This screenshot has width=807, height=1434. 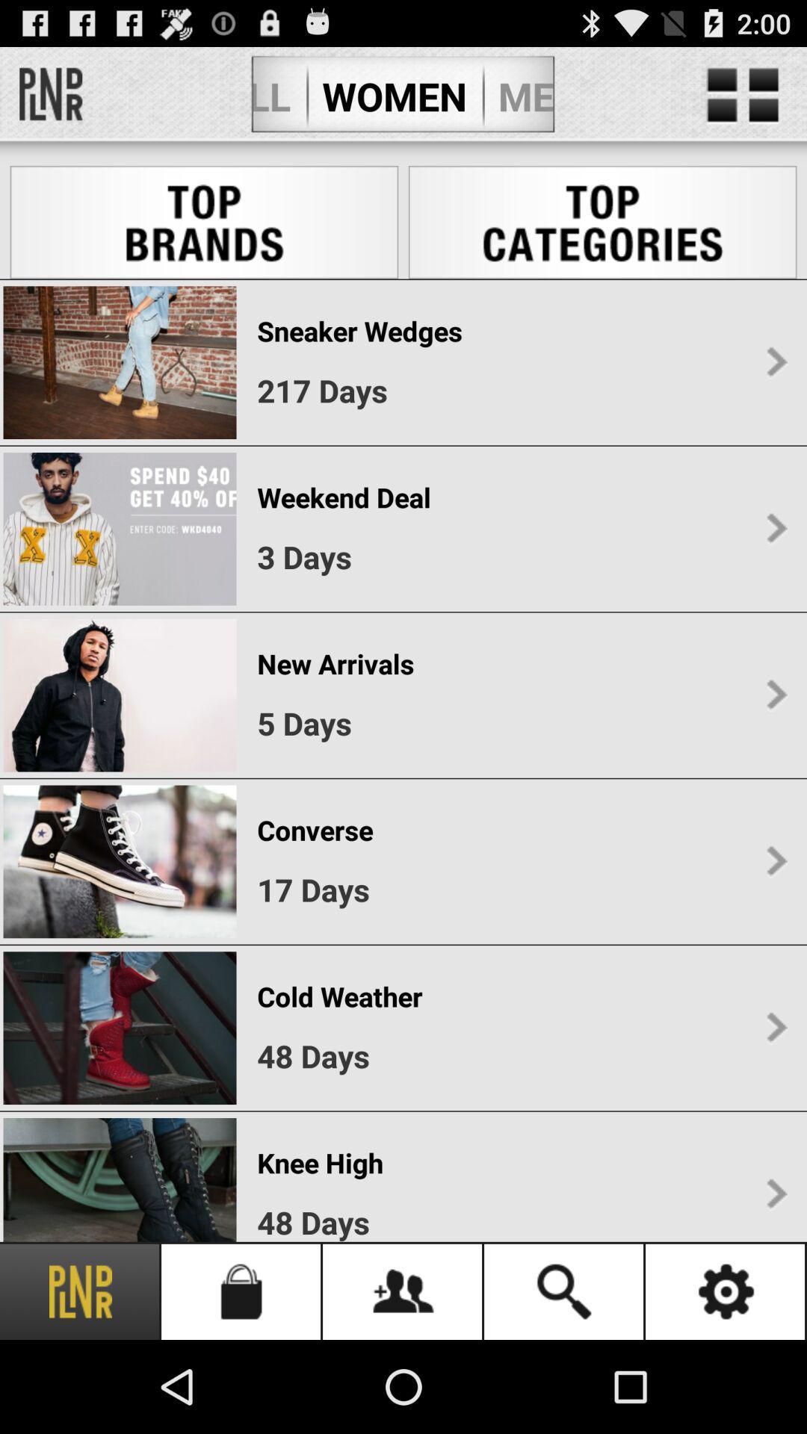 What do you see at coordinates (565, 1291) in the screenshot?
I see `the search icon` at bounding box center [565, 1291].